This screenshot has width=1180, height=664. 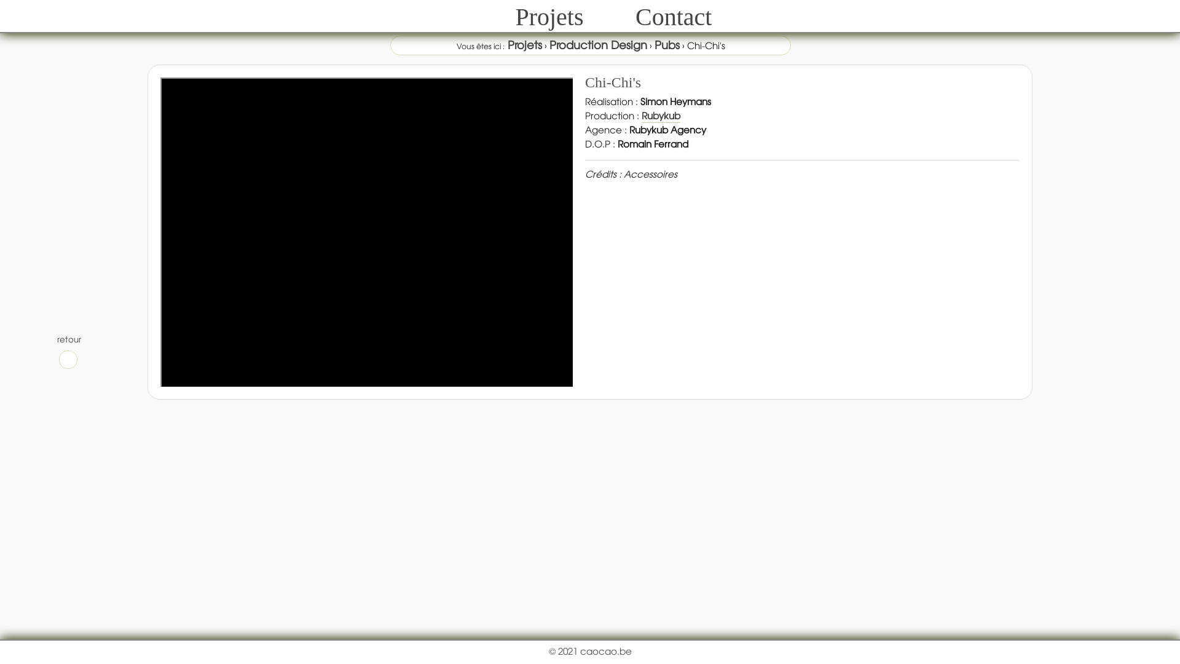 I want to click on 'Projets', so click(x=525, y=44).